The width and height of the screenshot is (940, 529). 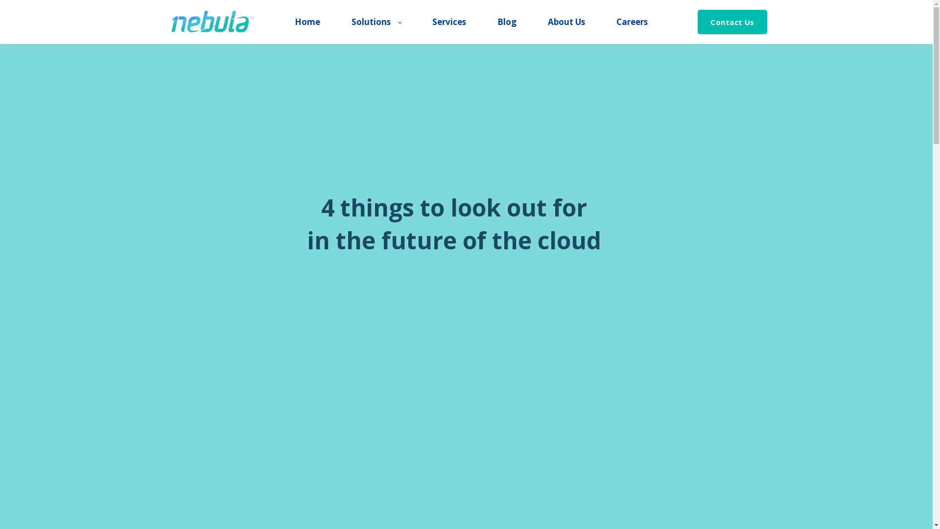 What do you see at coordinates (615, 22) in the screenshot?
I see `'Careers'` at bounding box center [615, 22].